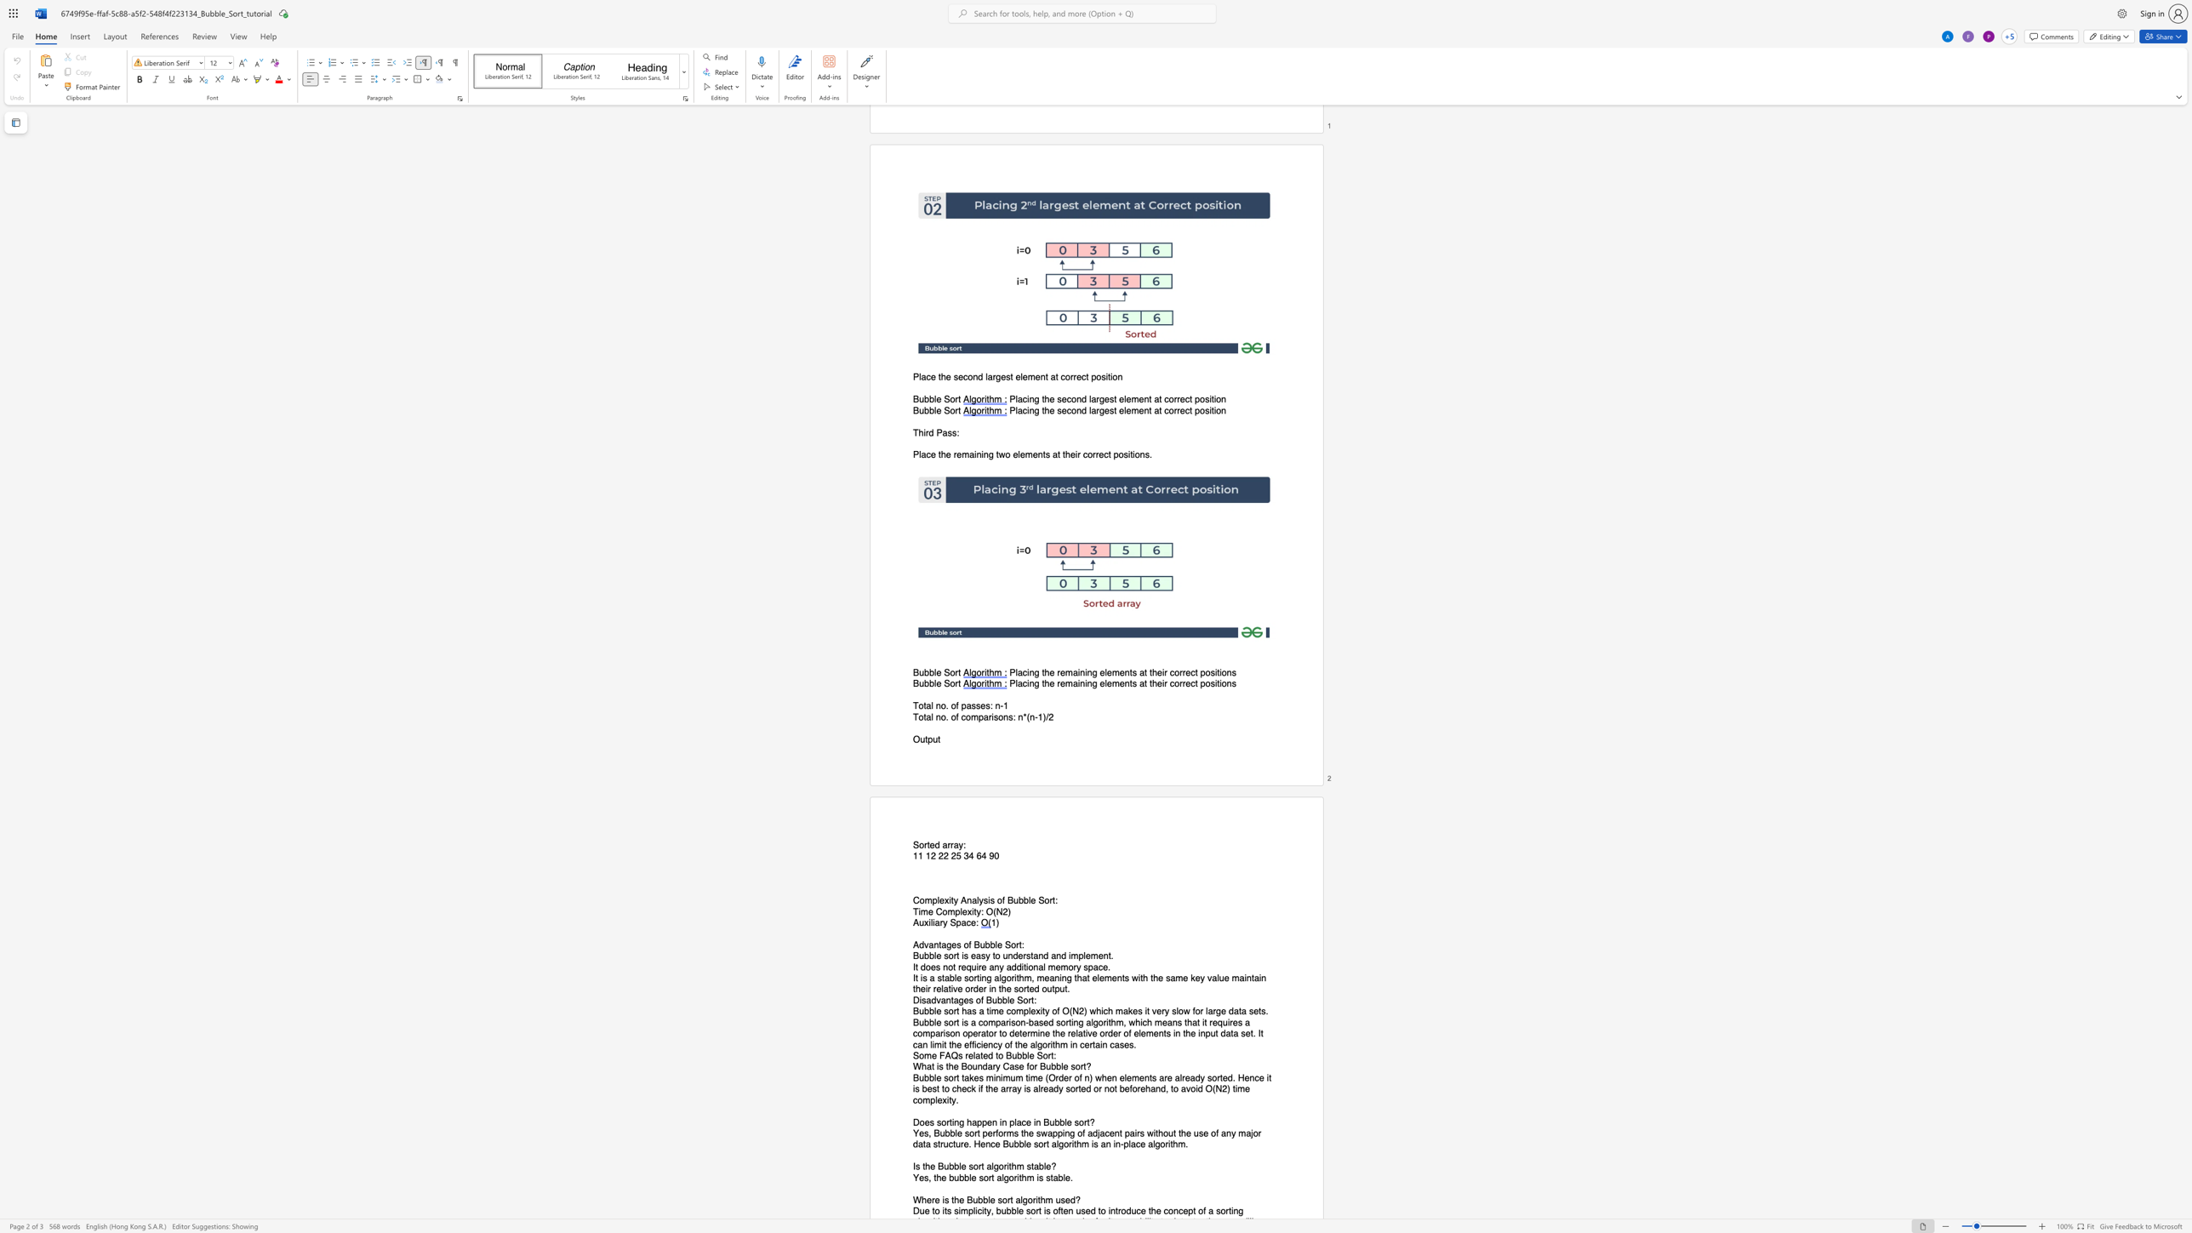 The width and height of the screenshot is (2192, 1233). What do you see at coordinates (960, 1000) in the screenshot?
I see `the 1th character "g" in the text` at bounding box center [960, 1000].